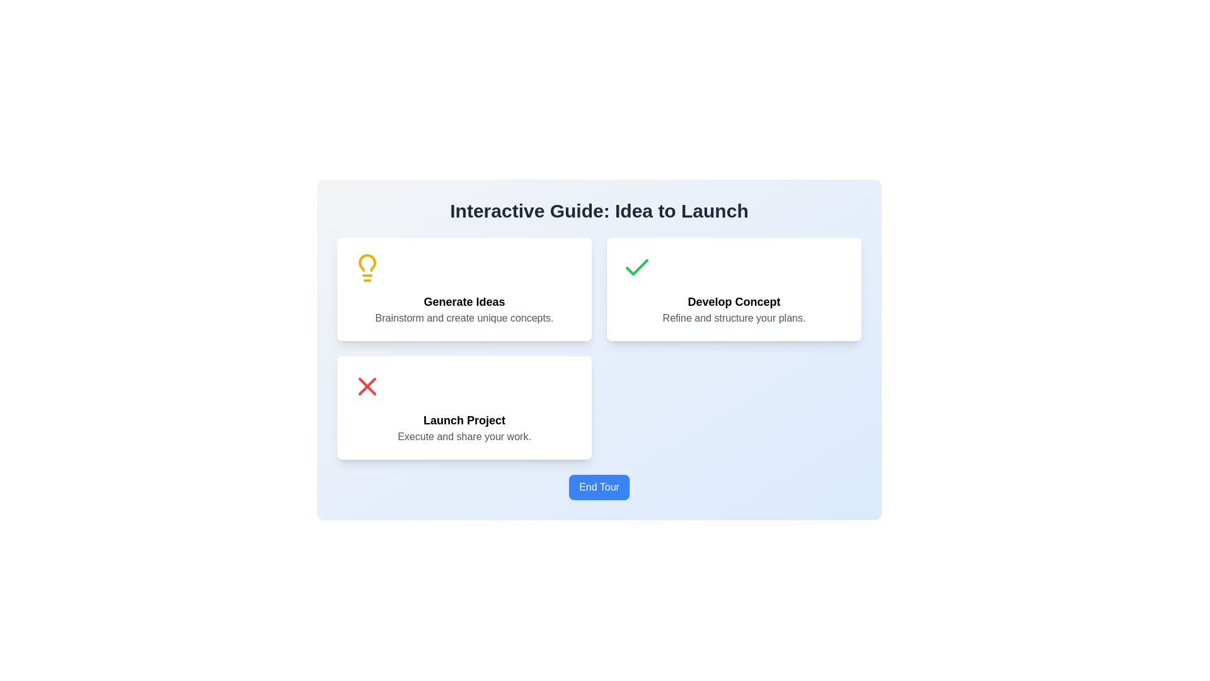 This screenshot has height=681, width=1210. What do you see at coordinates (464, 408) in the screenshot?
I see `the Info card highlighting the 'Launch Project' phase, which is the third card in the bottom-left portion of the grid layout` at bounding box center [464, 408].